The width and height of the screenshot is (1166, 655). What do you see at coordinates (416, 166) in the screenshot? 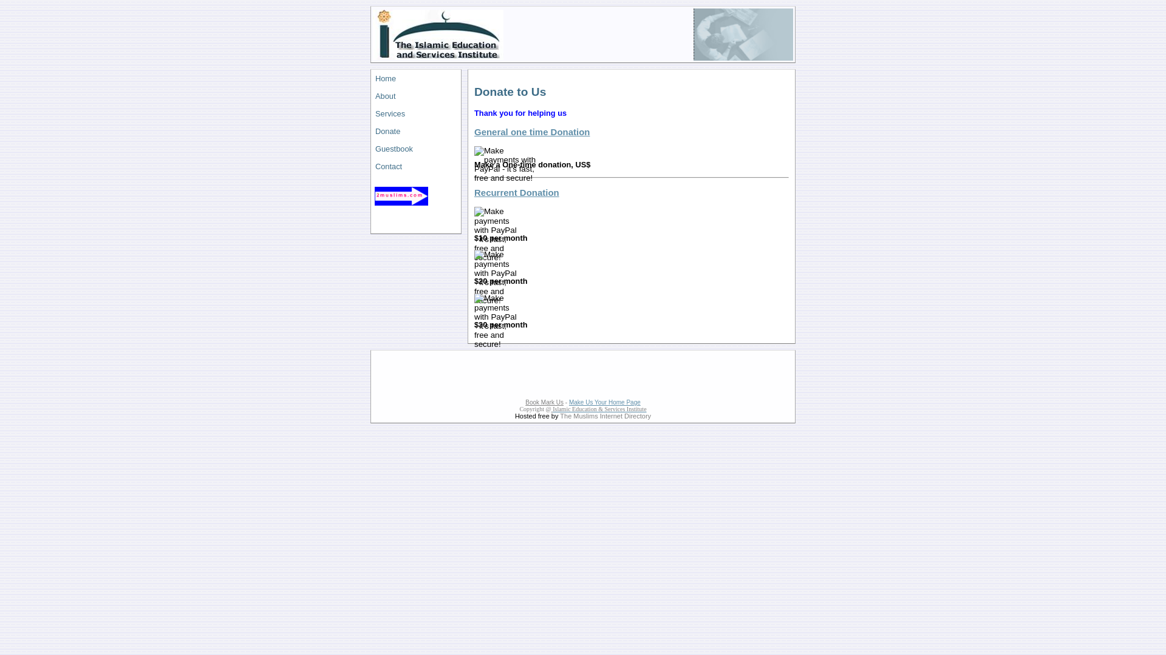
I see `'Contact'` at bounding box center [416, 166].